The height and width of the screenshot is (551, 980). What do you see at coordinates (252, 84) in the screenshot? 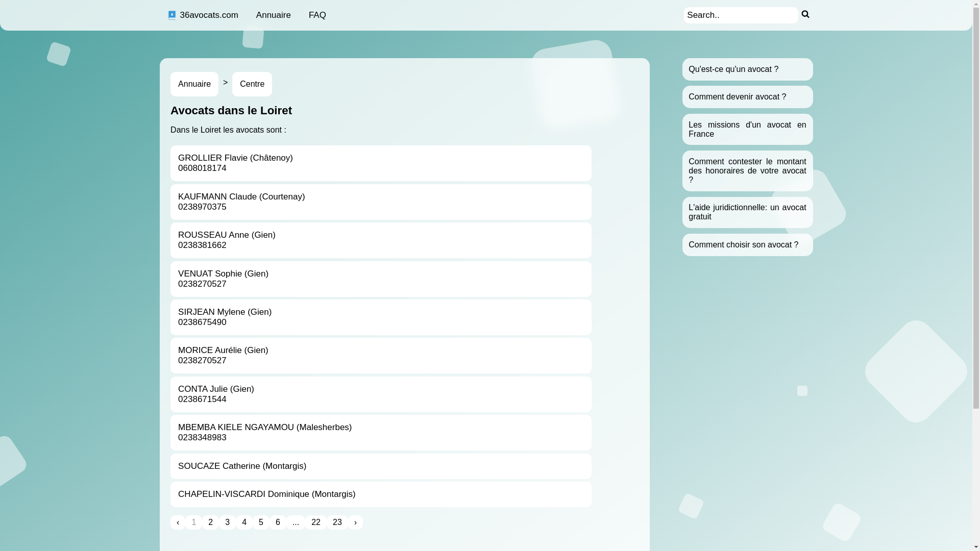
I see `'Centre'` at bounding box center [252, 84].